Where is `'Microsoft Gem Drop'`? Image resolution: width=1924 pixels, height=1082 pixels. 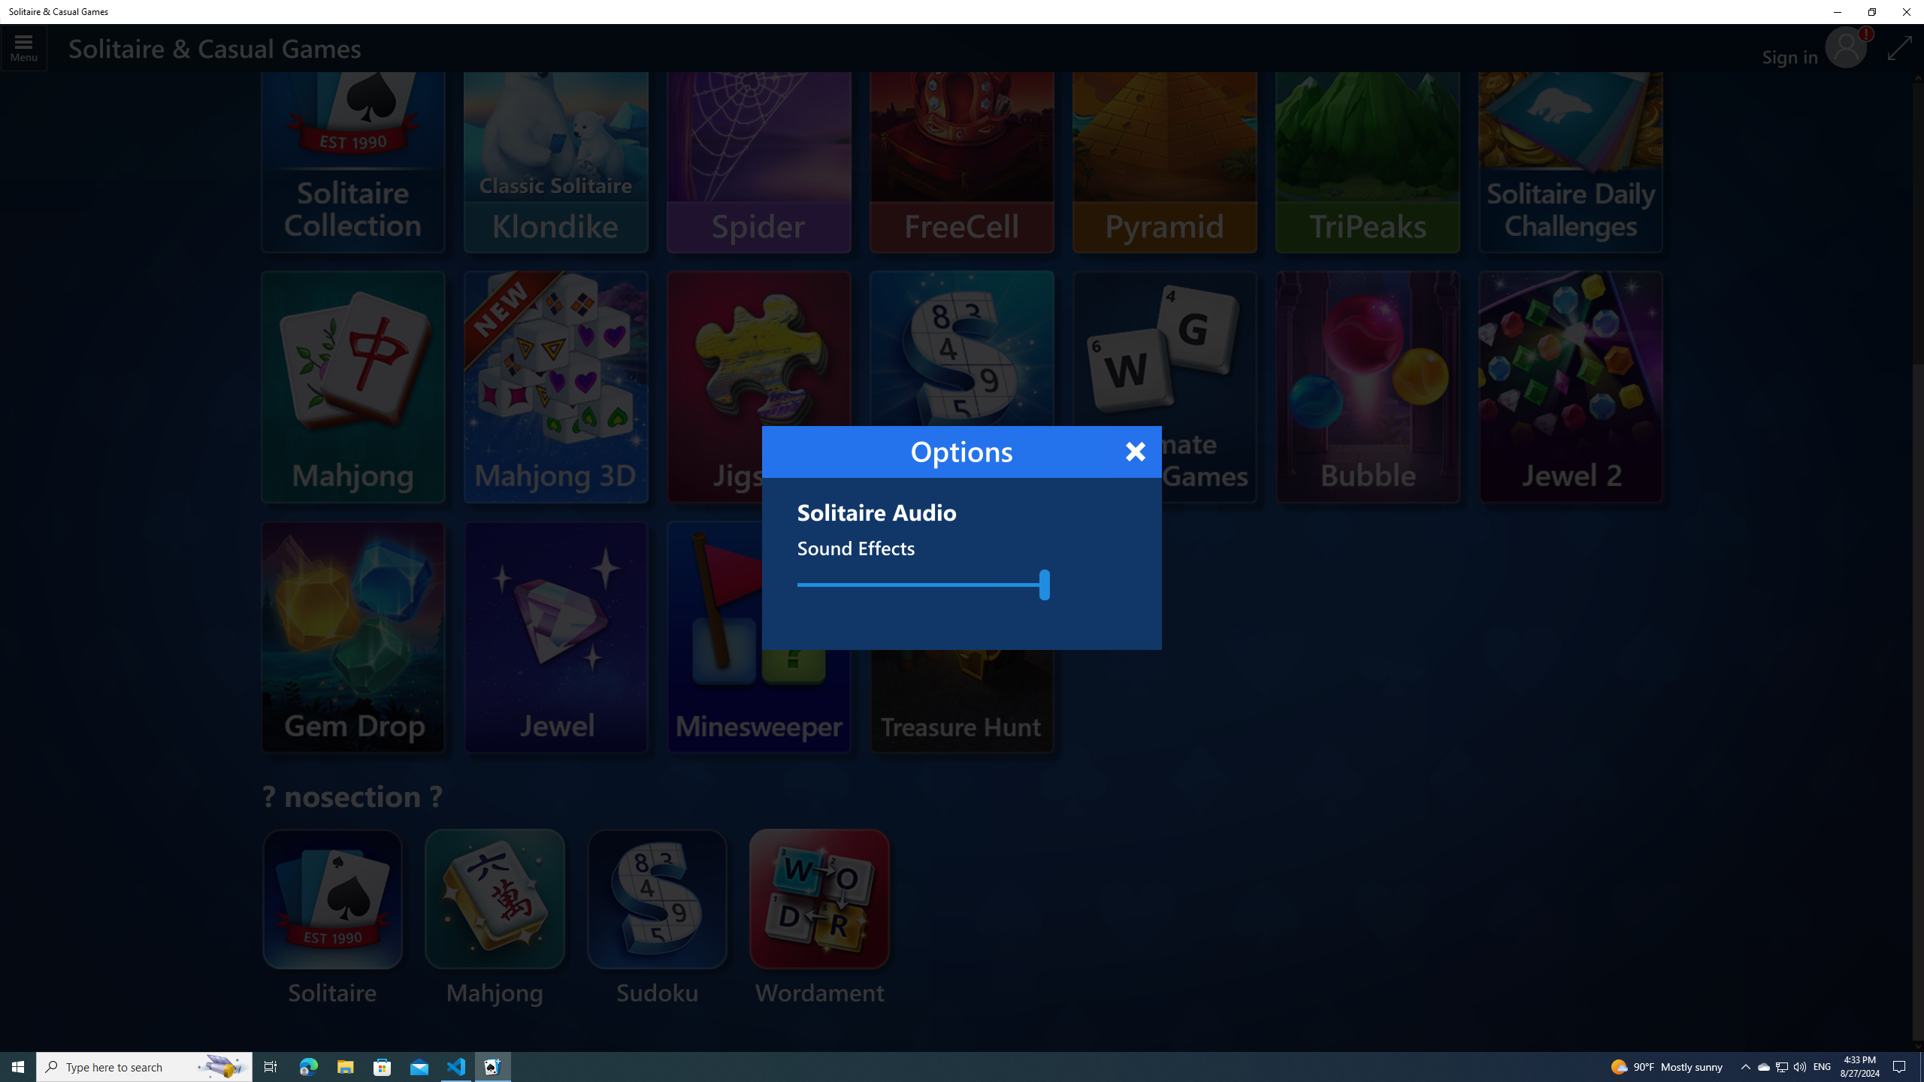 'Microsoft Gem Drop' is located at coordinates (353, 636).